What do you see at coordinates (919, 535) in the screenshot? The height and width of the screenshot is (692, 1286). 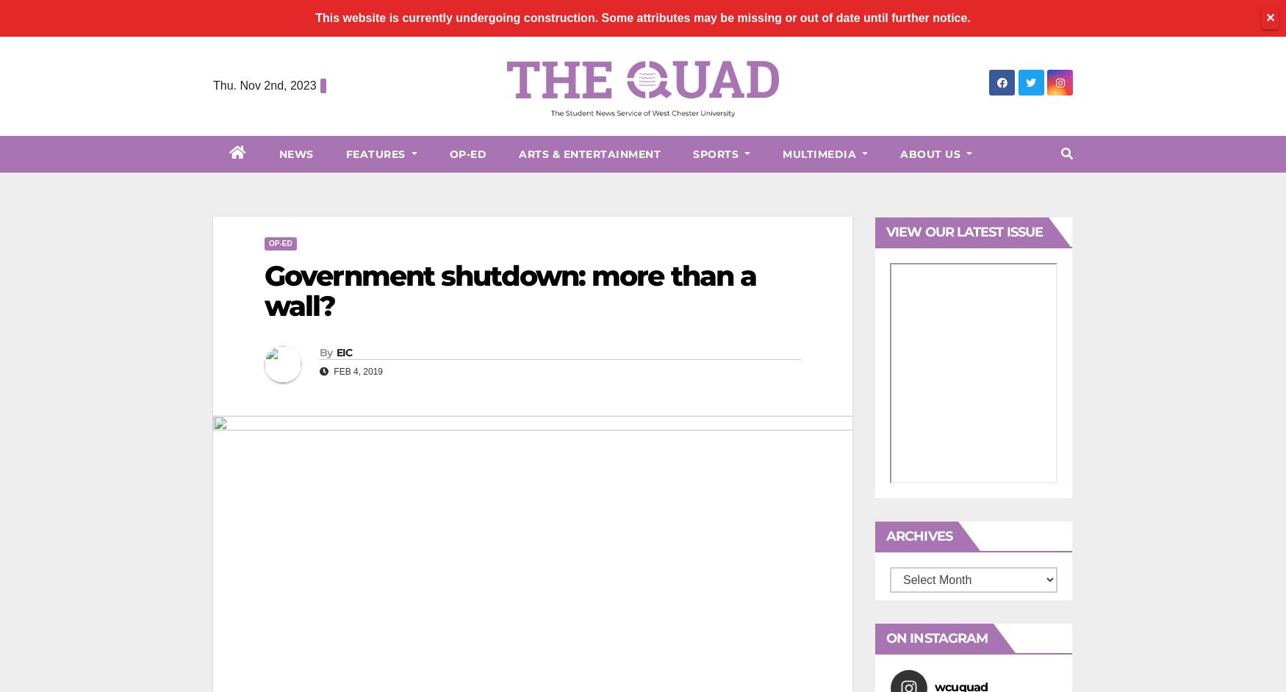 I see `'Archives'` at bounding box center [919, 535].